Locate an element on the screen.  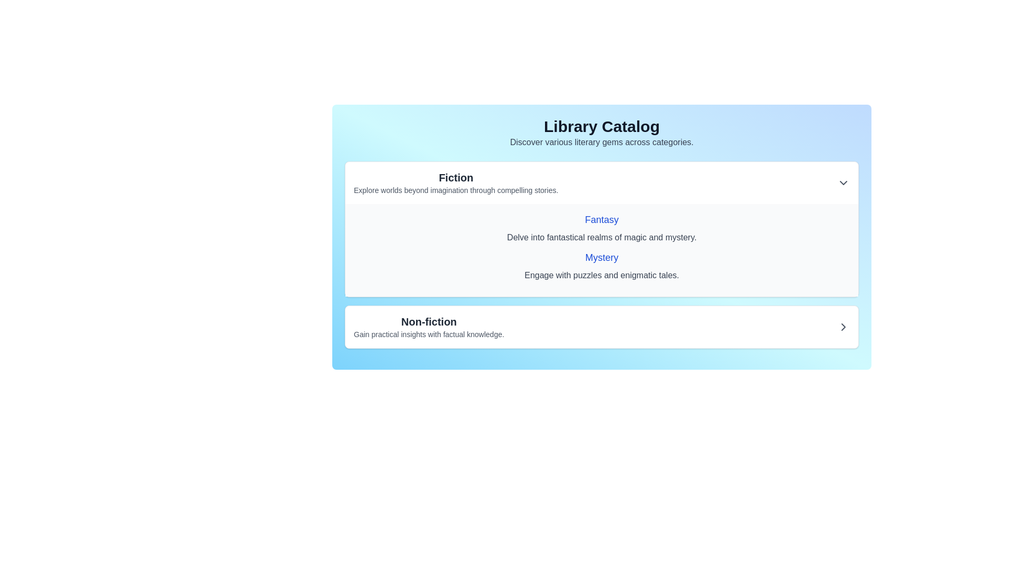
the rightwards chevron icon that indicates further navigation options for the 'Non-fiction' section is located at coordinates (844, 326).